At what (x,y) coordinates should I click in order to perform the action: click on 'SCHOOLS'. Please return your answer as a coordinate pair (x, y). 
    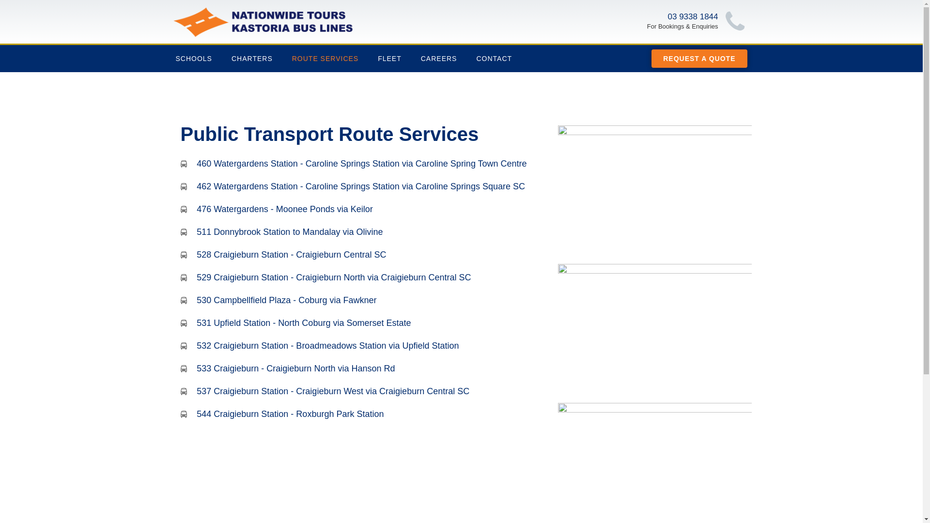
    Looking at the image, I should click on (193, 58).